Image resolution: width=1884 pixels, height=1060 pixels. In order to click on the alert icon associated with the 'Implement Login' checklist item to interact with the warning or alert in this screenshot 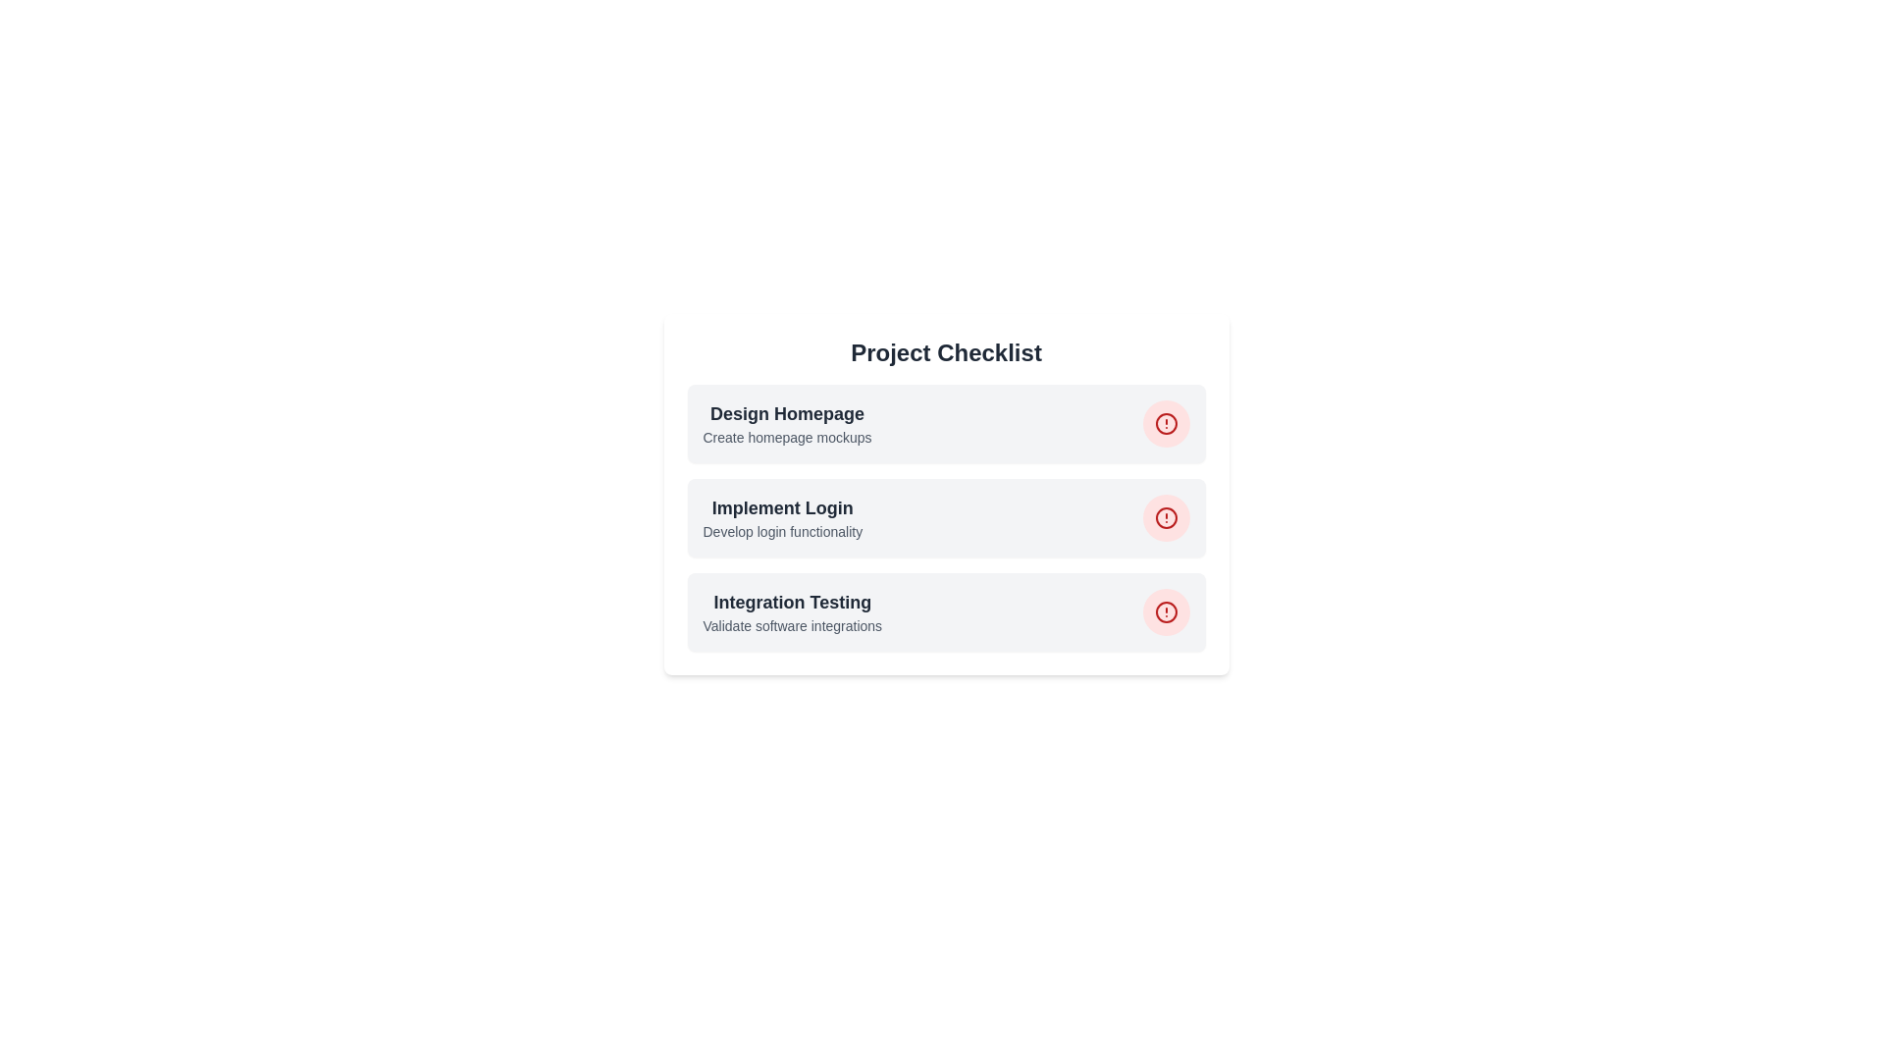, I will do `click(1166, 517)`.